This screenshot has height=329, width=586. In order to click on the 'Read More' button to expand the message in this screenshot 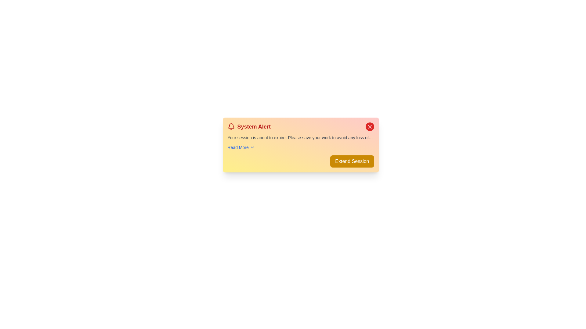, I will do `click(241, 147)`.